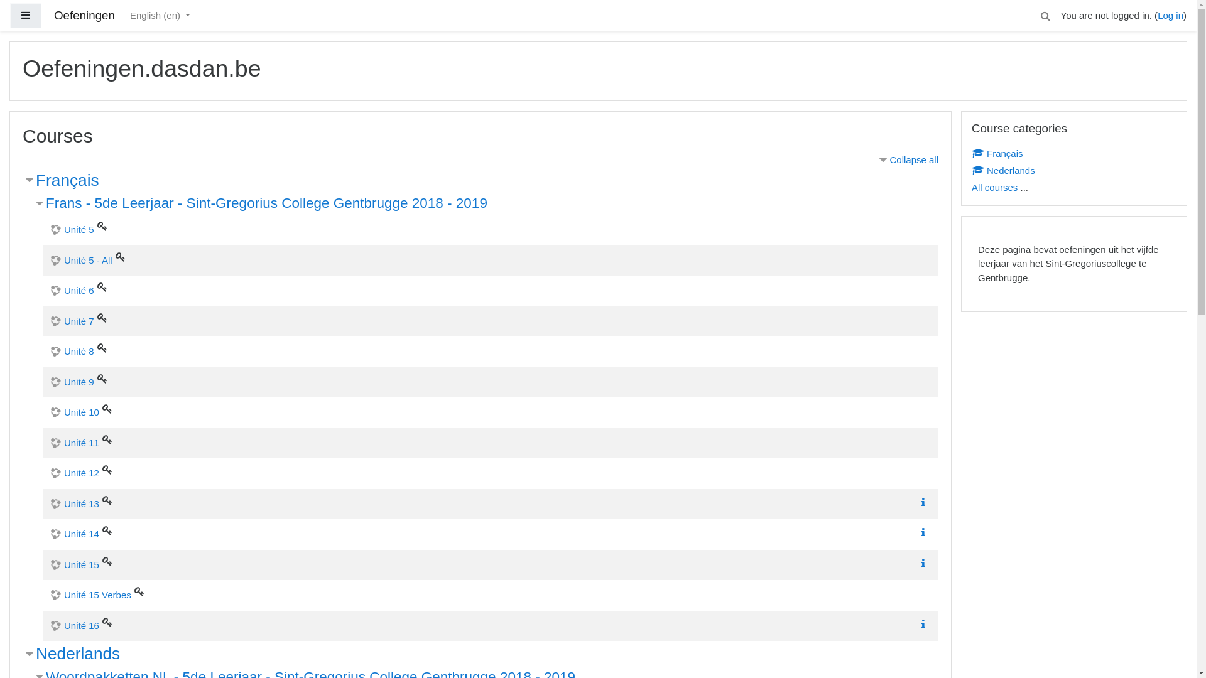  I want to click on 'Summary', so click(923, 561).